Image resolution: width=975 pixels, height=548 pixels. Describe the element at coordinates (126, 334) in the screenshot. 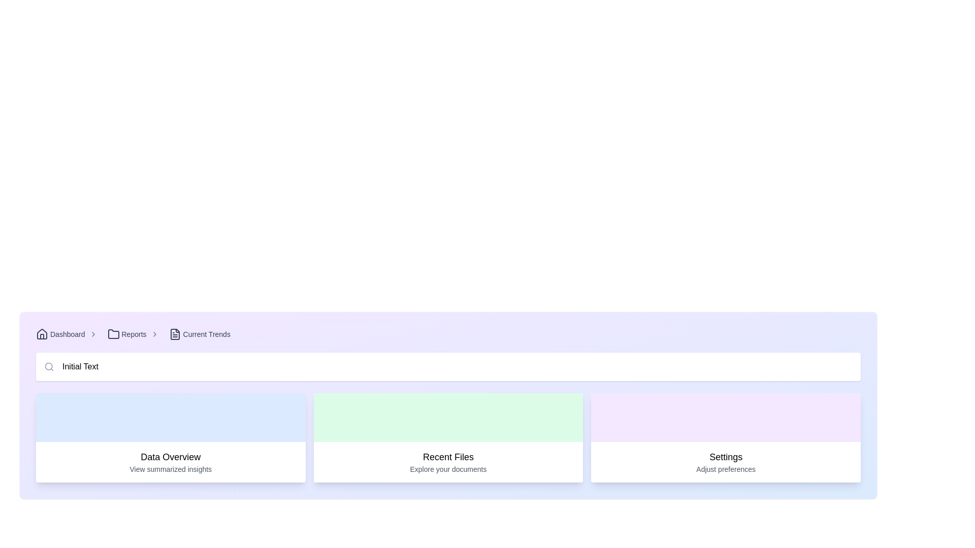

I see `the 'Reports' hyperlink located in the breadcrumb navigation bar, positioned between 'Dashboard' and 'Current Trends'` at that location.